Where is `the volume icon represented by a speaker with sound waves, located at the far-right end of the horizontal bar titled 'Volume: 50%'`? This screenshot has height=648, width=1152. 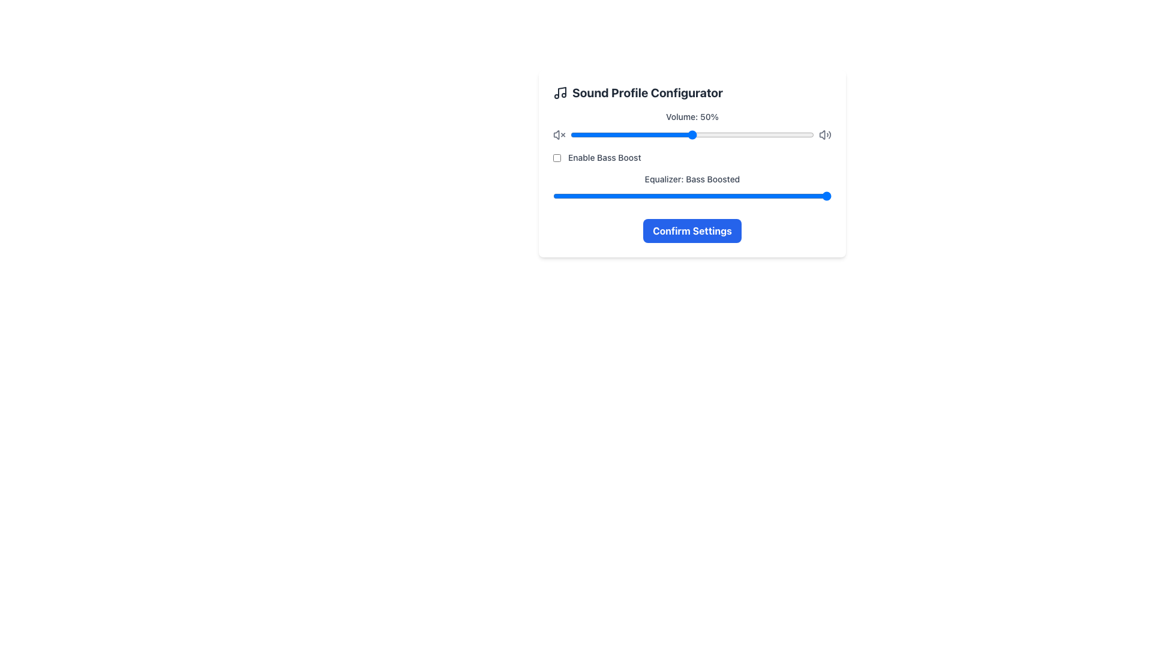
the volume icon represented by a speaker with sound waves, located at the far-right end of the horizontal bar titled 'Volume: 50%' is located at coordinates (824, 134).